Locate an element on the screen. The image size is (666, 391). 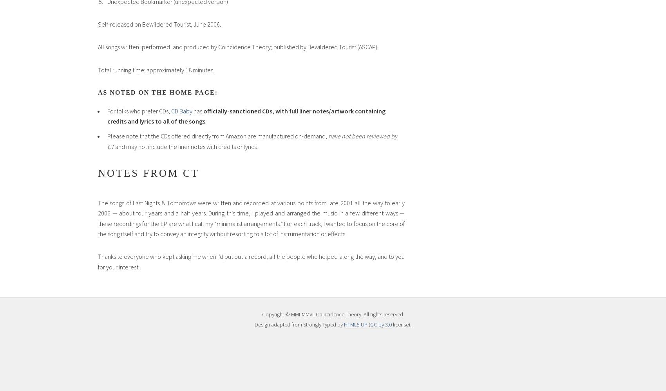
'The songs of' is located at coordinates (115, 203).